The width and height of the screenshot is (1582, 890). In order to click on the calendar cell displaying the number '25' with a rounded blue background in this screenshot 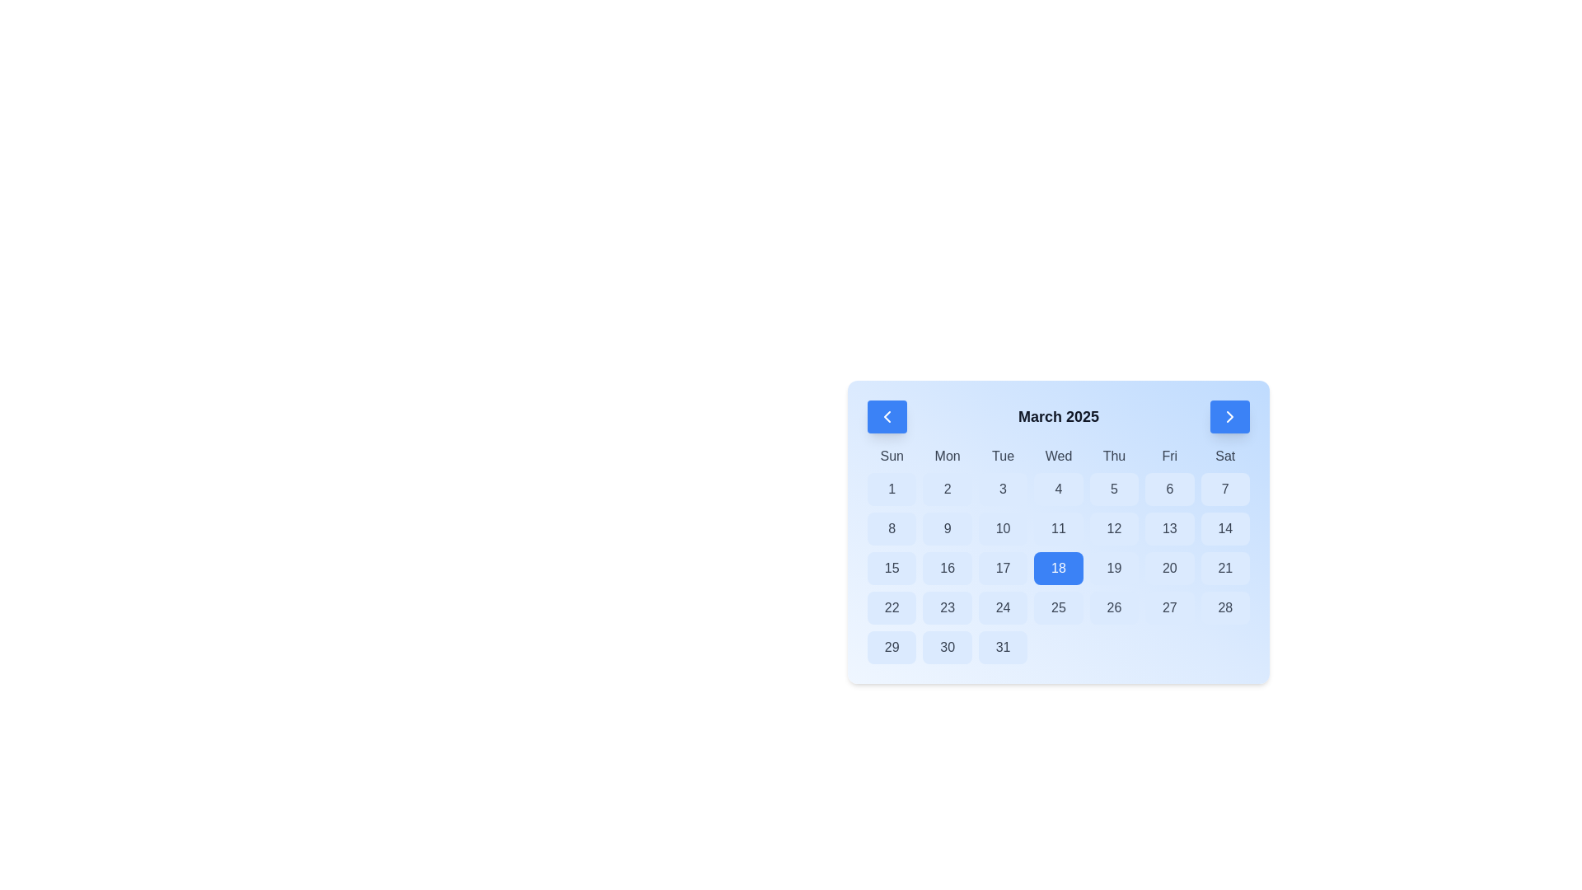, I will do `click(1059, 607)`.